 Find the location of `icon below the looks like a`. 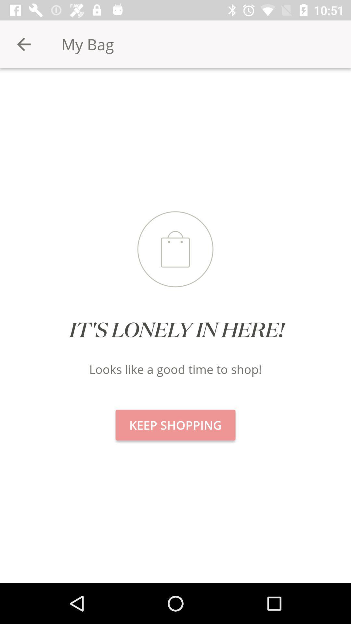

icon below the looks like a is located at coordinates (175, 425).